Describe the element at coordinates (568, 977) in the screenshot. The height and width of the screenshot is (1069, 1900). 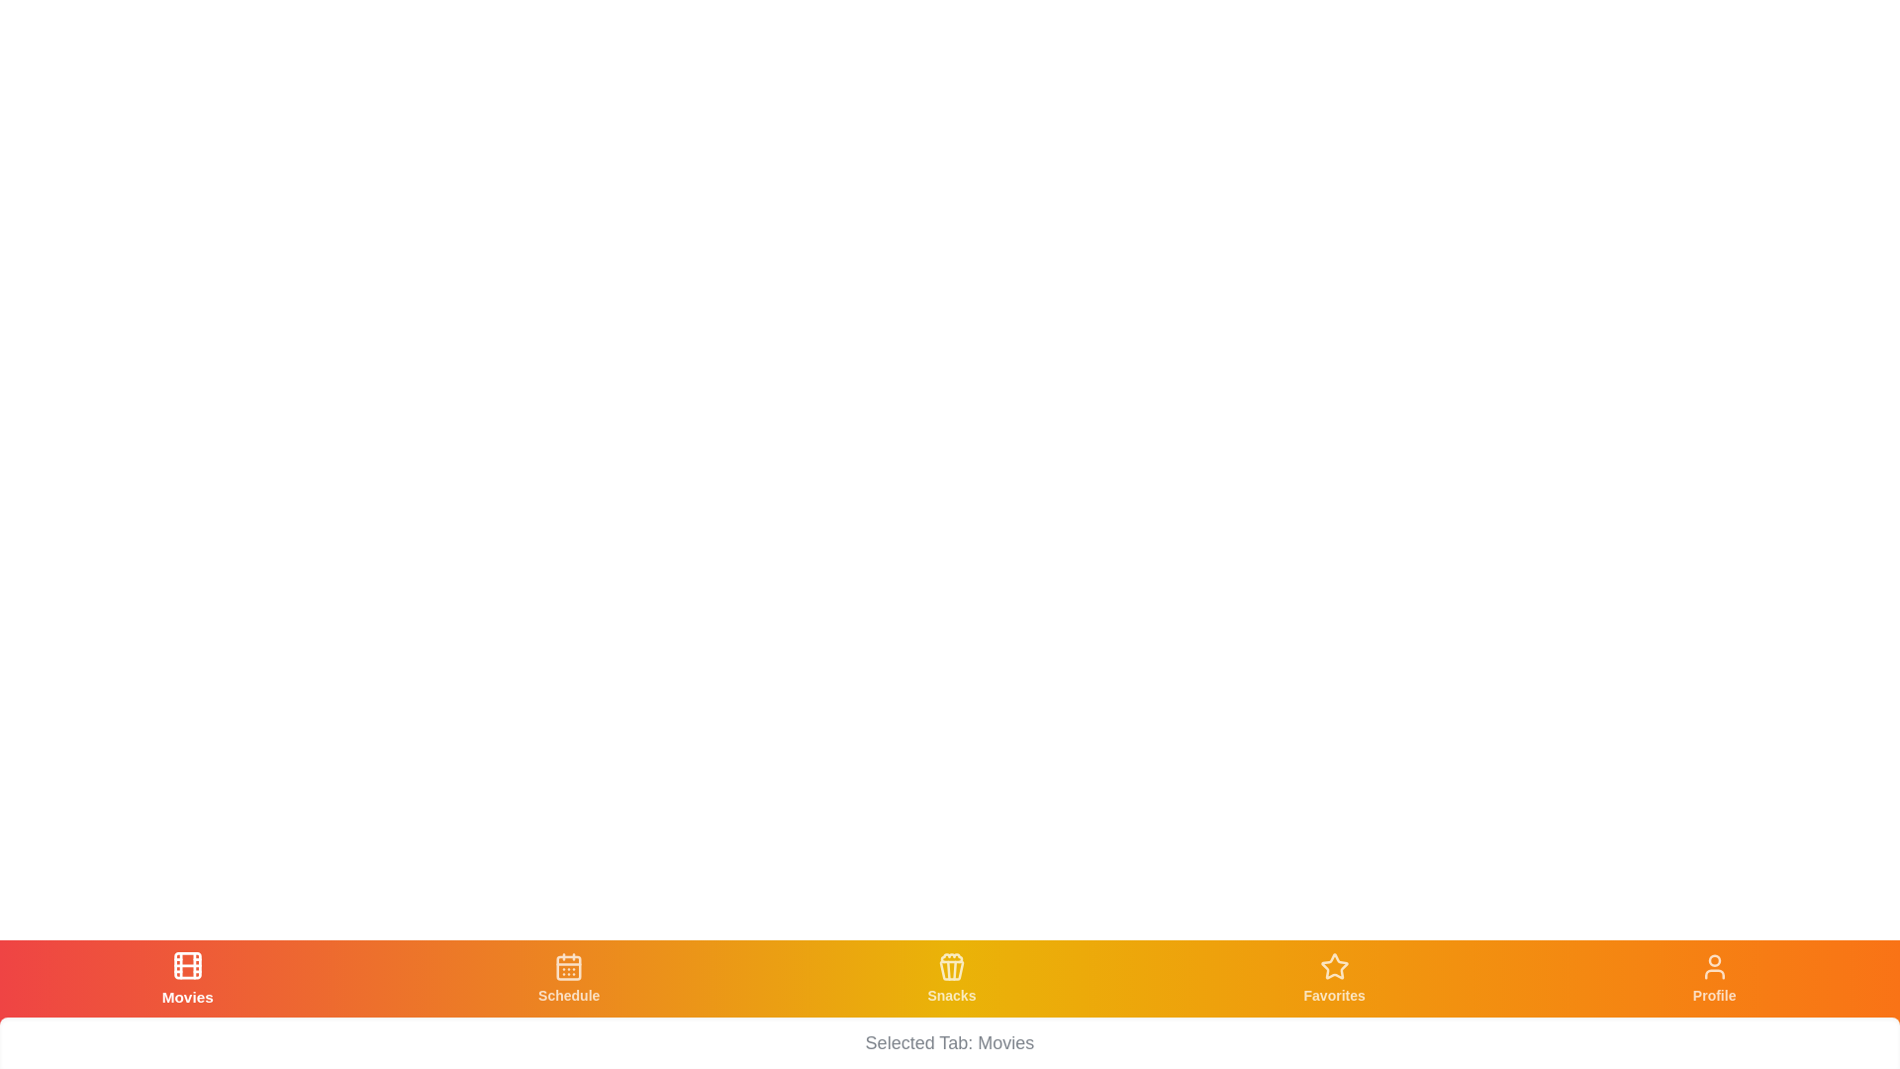
I see `the tab labeled Schedule to navigate to its respective section` at that location.